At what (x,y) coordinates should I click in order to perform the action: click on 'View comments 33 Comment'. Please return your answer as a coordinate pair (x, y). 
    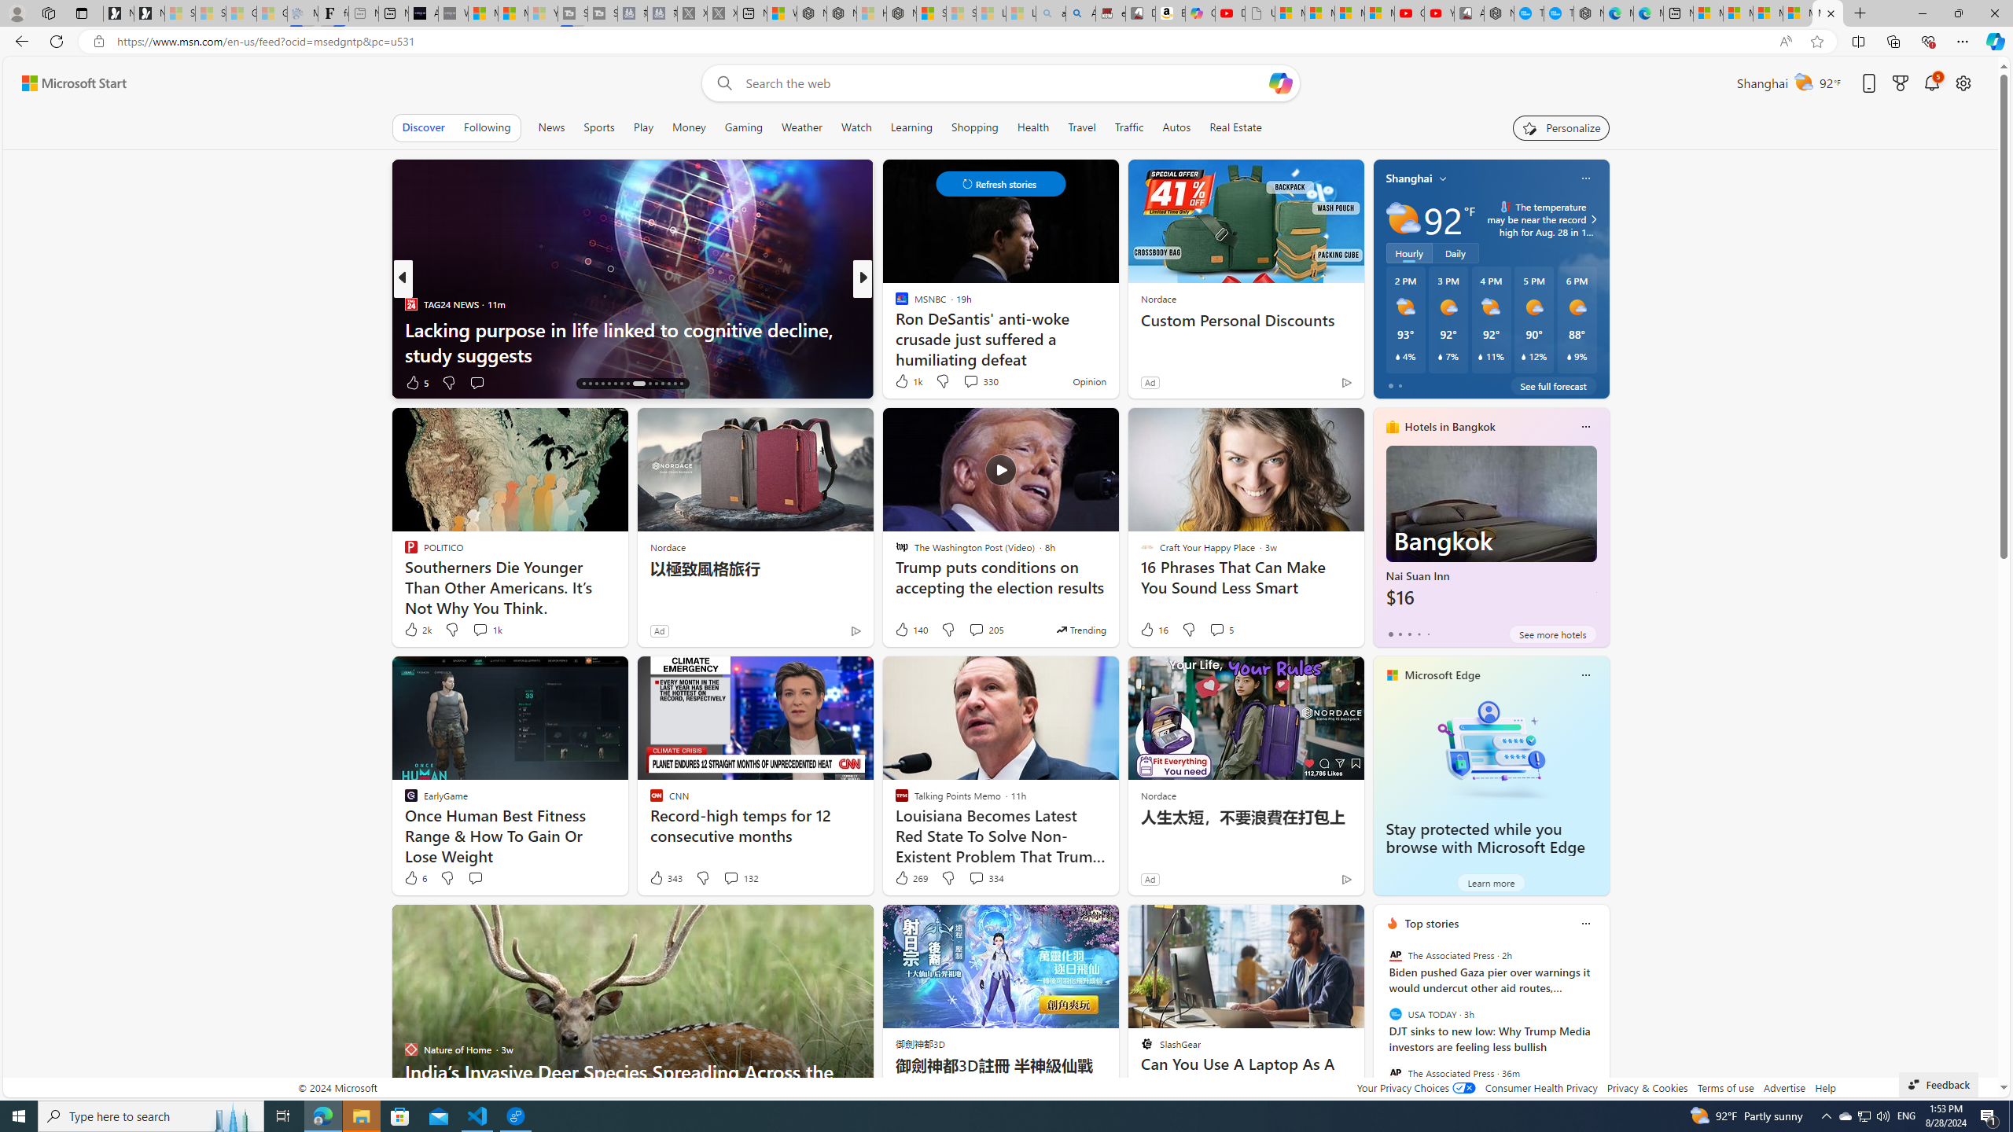
    Looking at the image, I should click on (965, 382).